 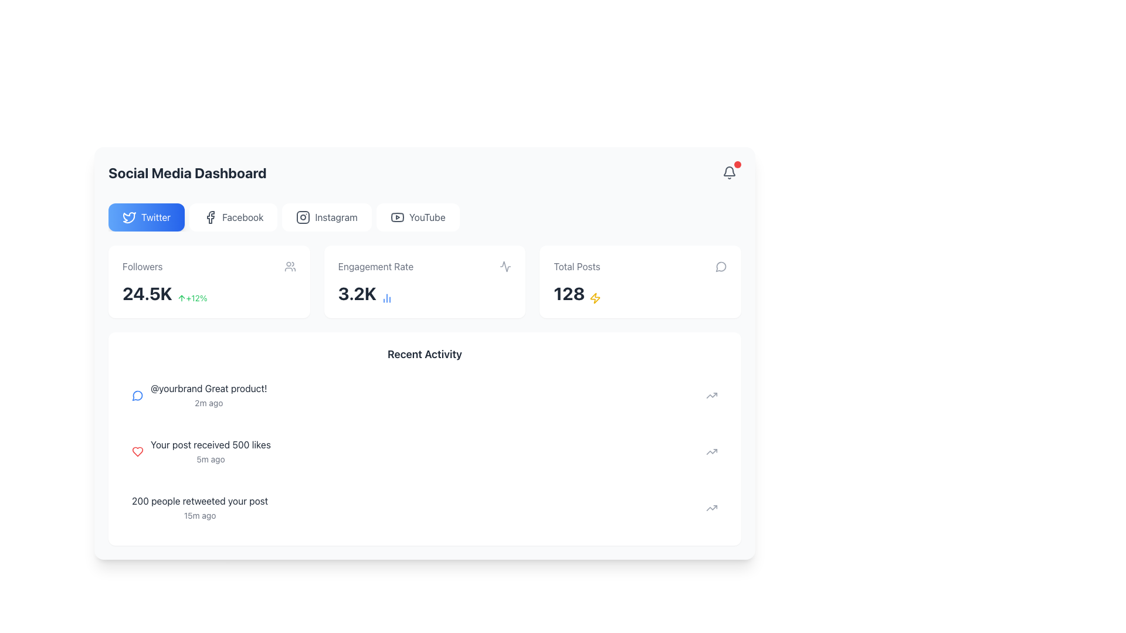 What do you see at coordinates (211, 217) in the screenshot?
I see `the Facebook icon in the navigation bar` at bounding box center [211, 217].